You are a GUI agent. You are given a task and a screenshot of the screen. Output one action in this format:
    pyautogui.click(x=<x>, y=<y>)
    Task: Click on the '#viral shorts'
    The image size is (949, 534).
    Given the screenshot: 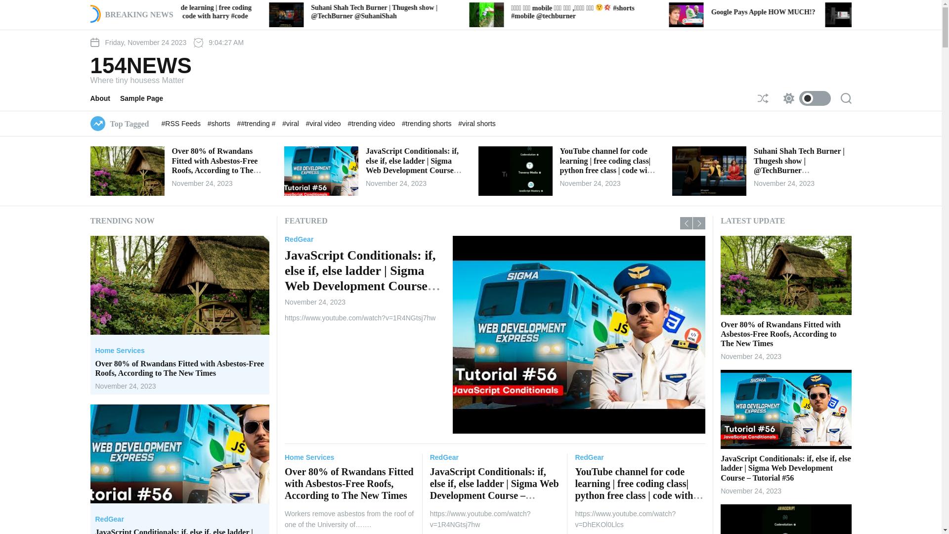 What is the action you would take?
    pyautogui.click(x=476, y=123)
    